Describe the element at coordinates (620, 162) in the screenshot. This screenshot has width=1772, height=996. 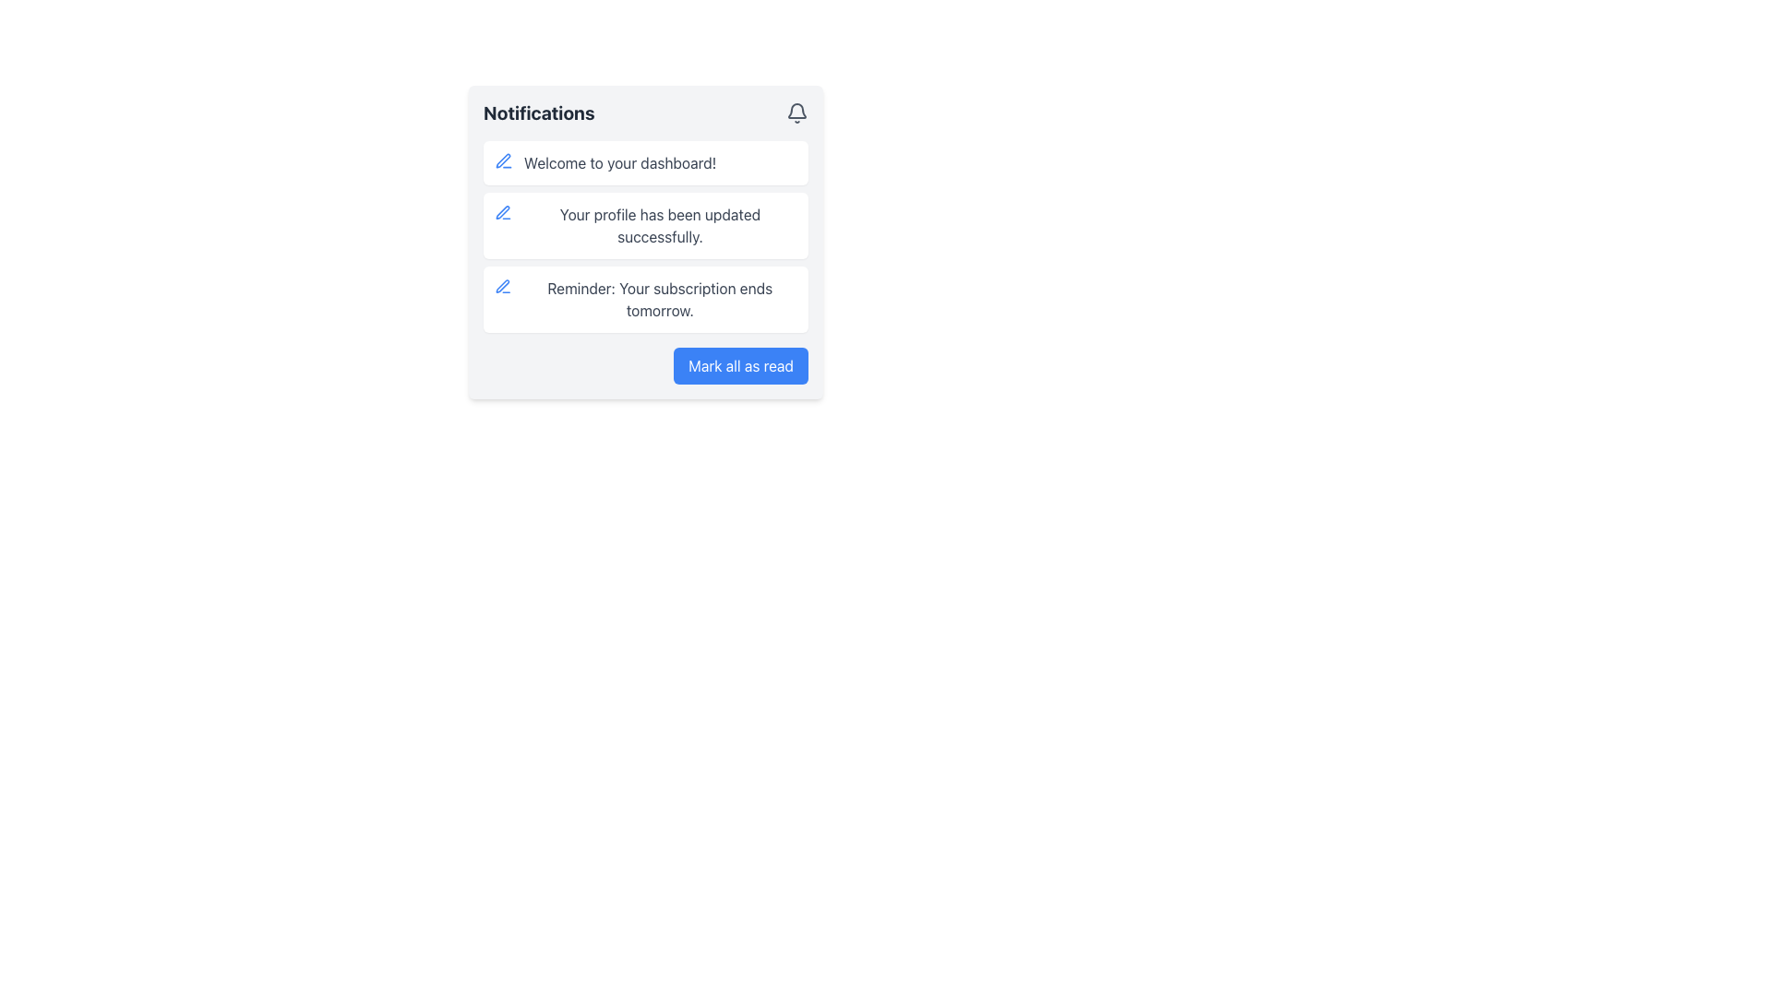
I see `the Text Label displaying 'Welcome to your dashboard!' located in the topmost notification card of the Notifications panel` at that location.